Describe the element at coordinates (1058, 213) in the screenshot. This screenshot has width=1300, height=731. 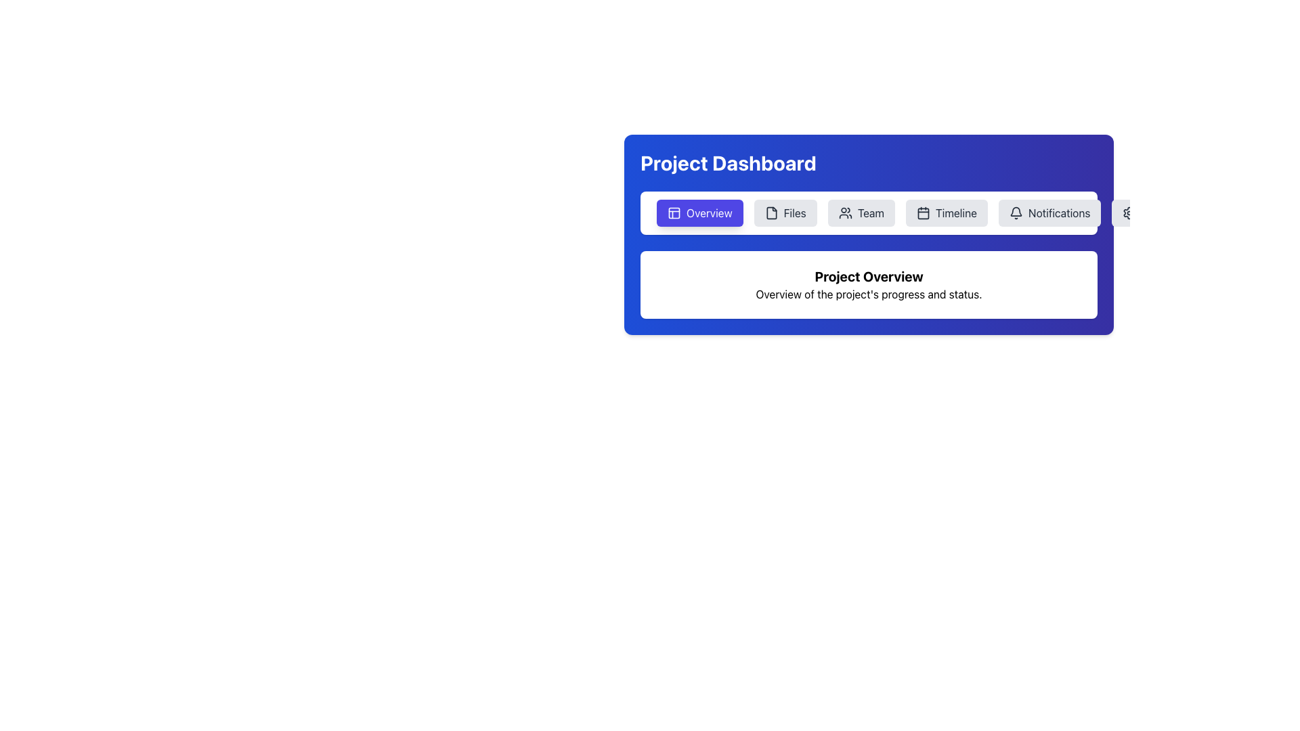
I see `the 'Notifications' text label, which is displayed in bold font style and is part of the horizontal navigation bar at the top right of the dashboard` at that location.